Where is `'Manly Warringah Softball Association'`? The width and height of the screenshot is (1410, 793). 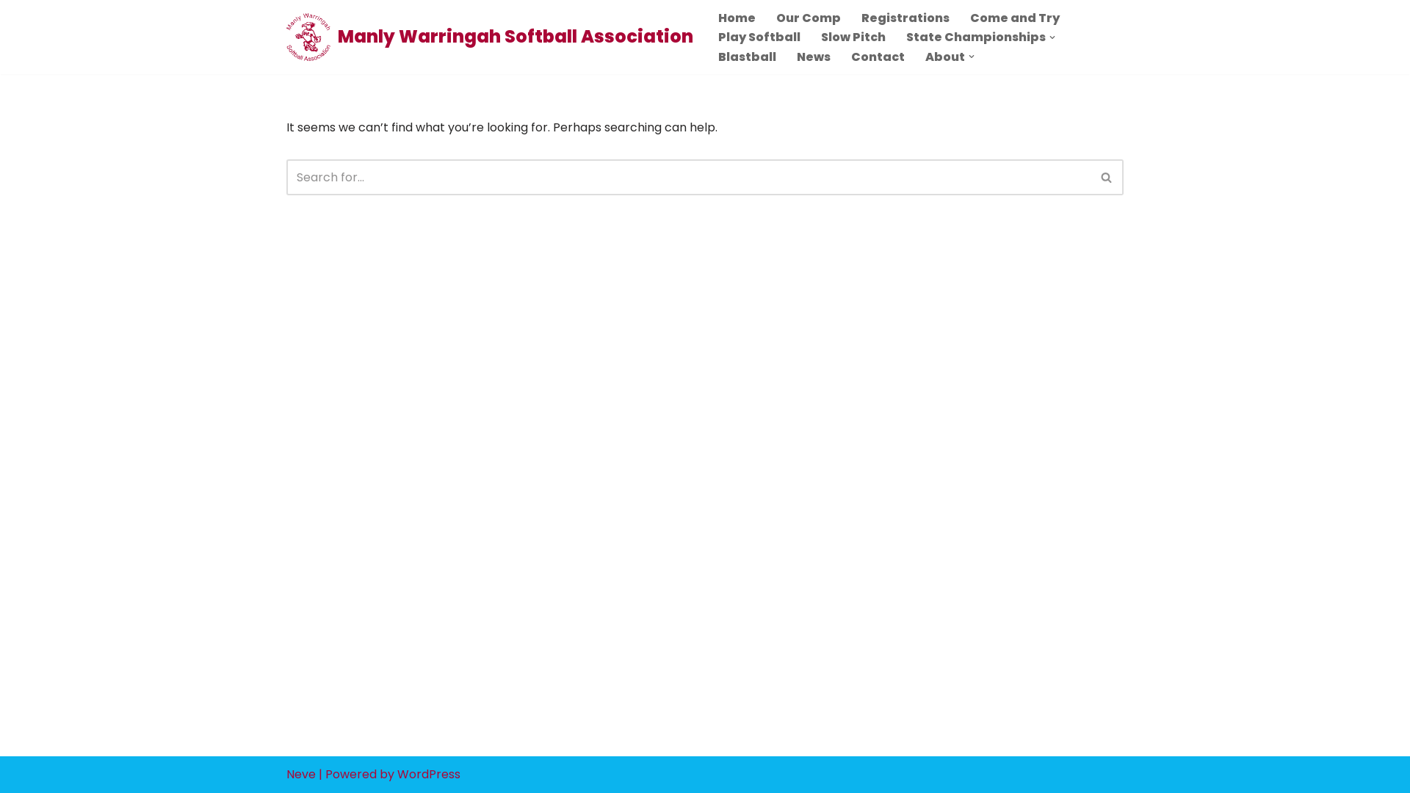 'Manly Warringah Softball Association' is located at coordinates (490, 36).